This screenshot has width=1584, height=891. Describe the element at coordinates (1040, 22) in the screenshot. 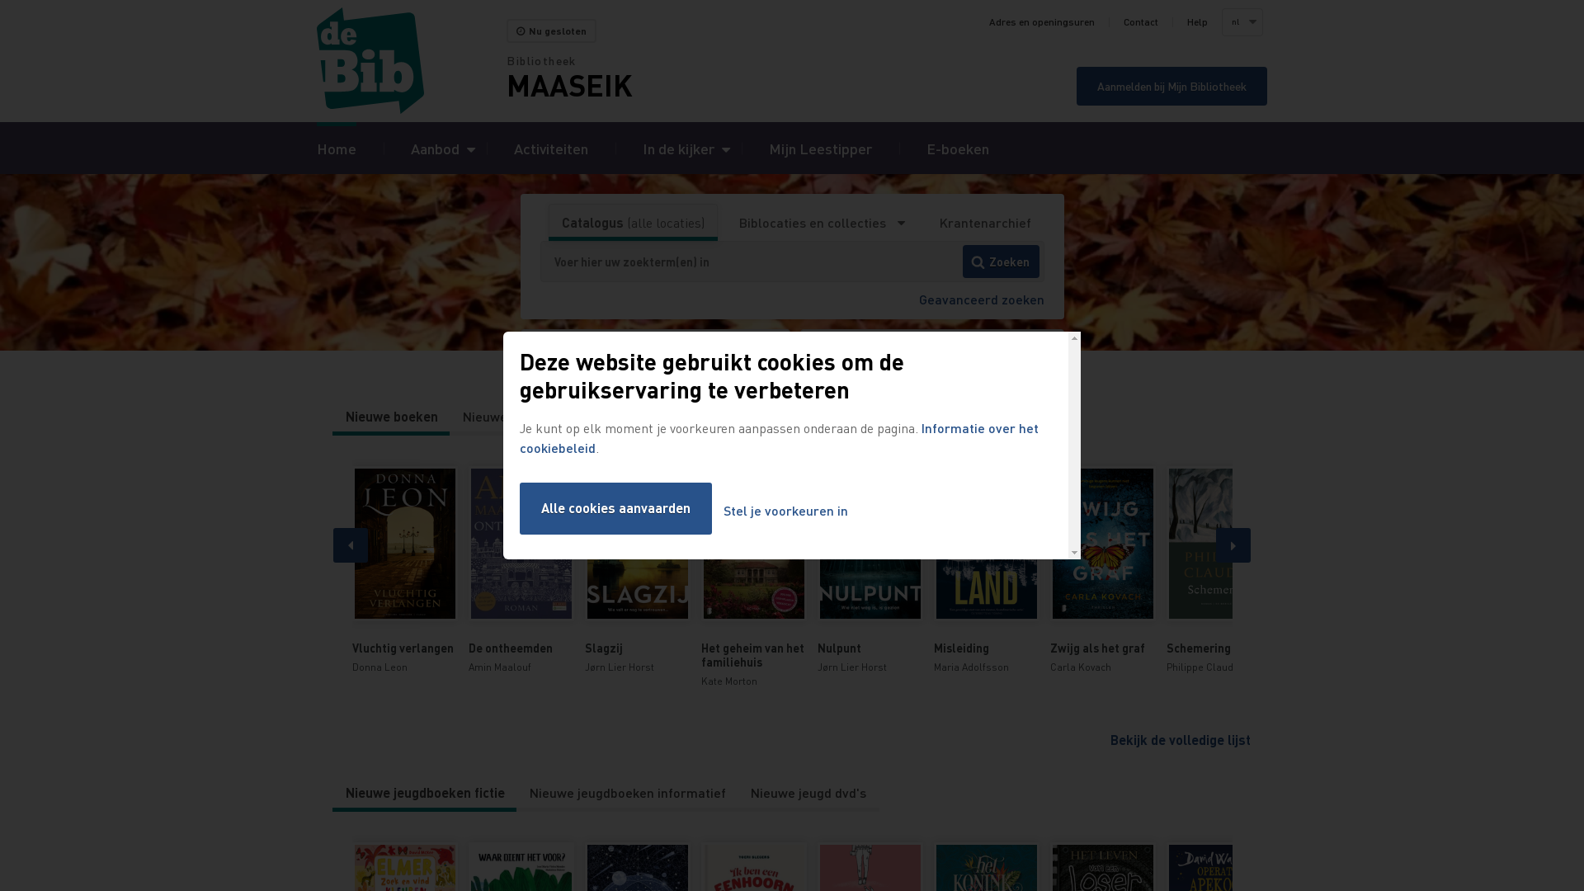

I see `'Adres en openingsuren'` at that location.